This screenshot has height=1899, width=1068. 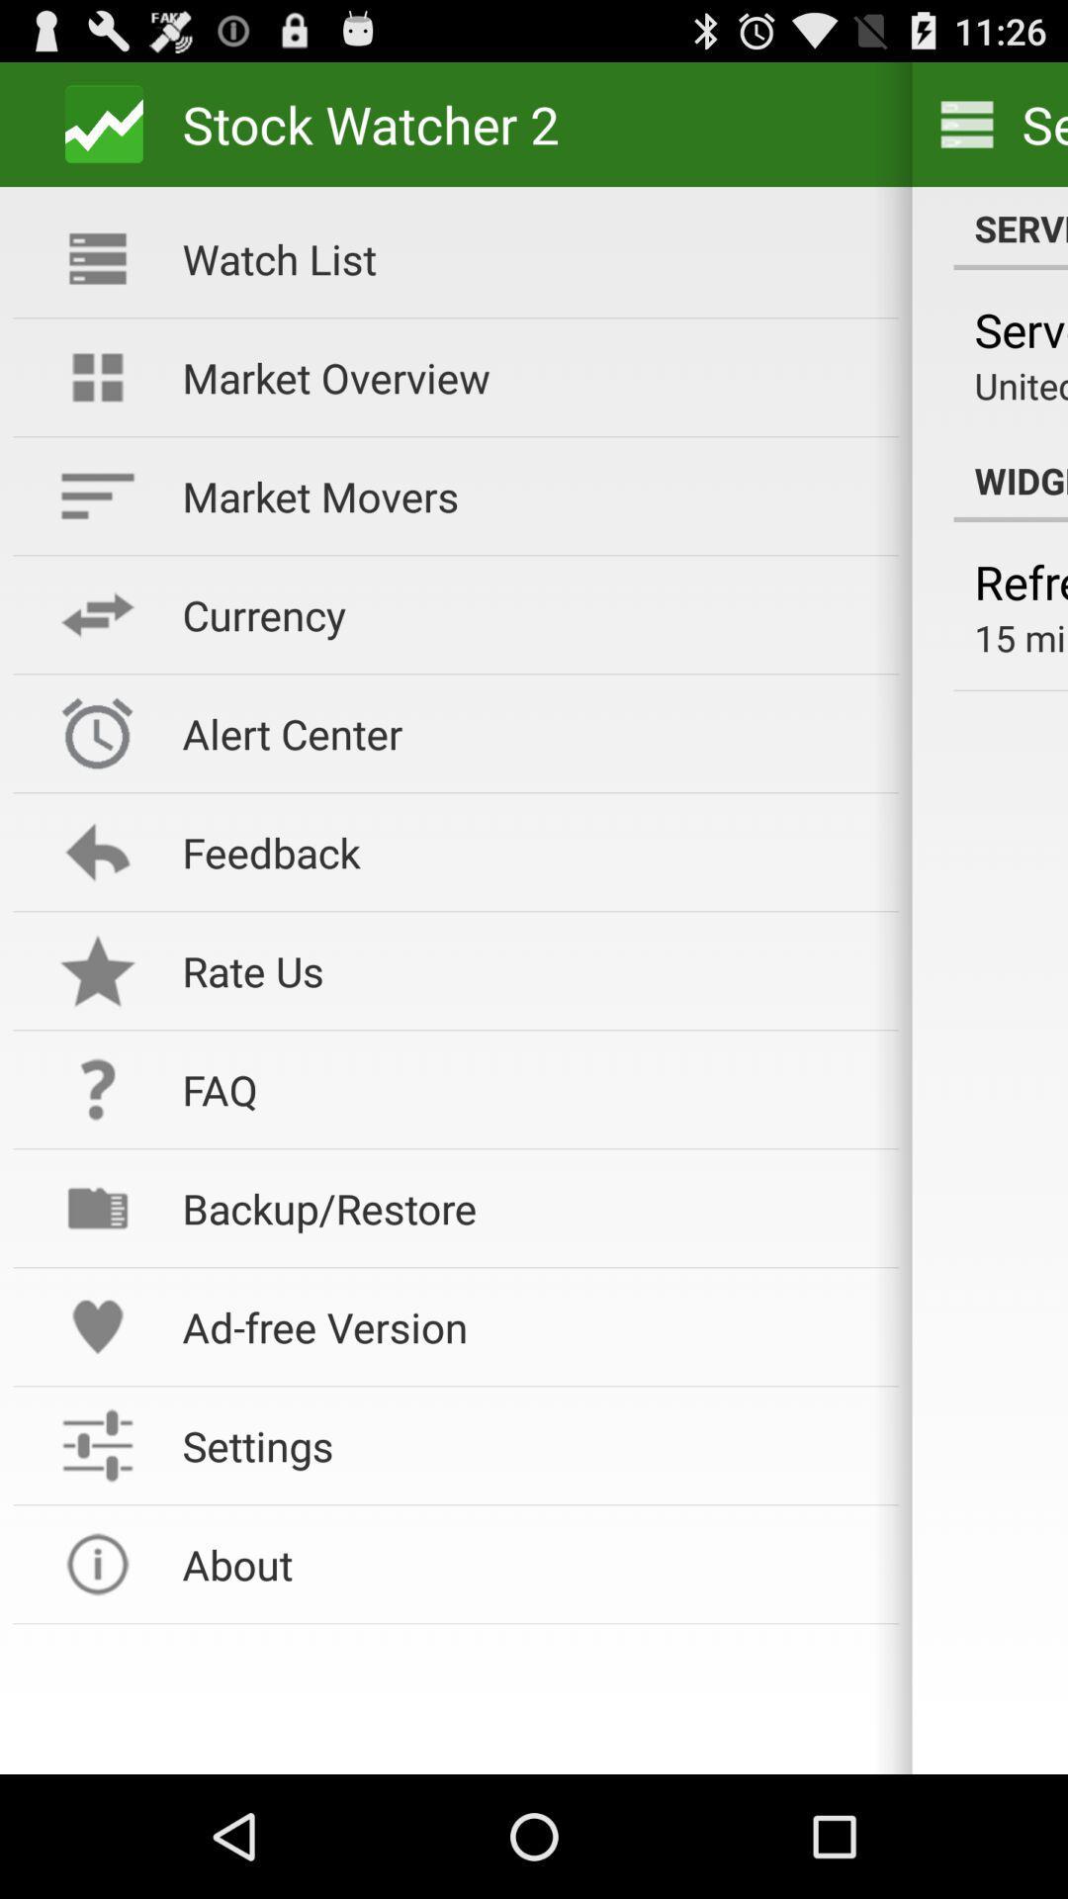 What do you see at coordinates (1021, 385) in the screenshot?
I see `united states (us)` at bounding box center [1021, 385].